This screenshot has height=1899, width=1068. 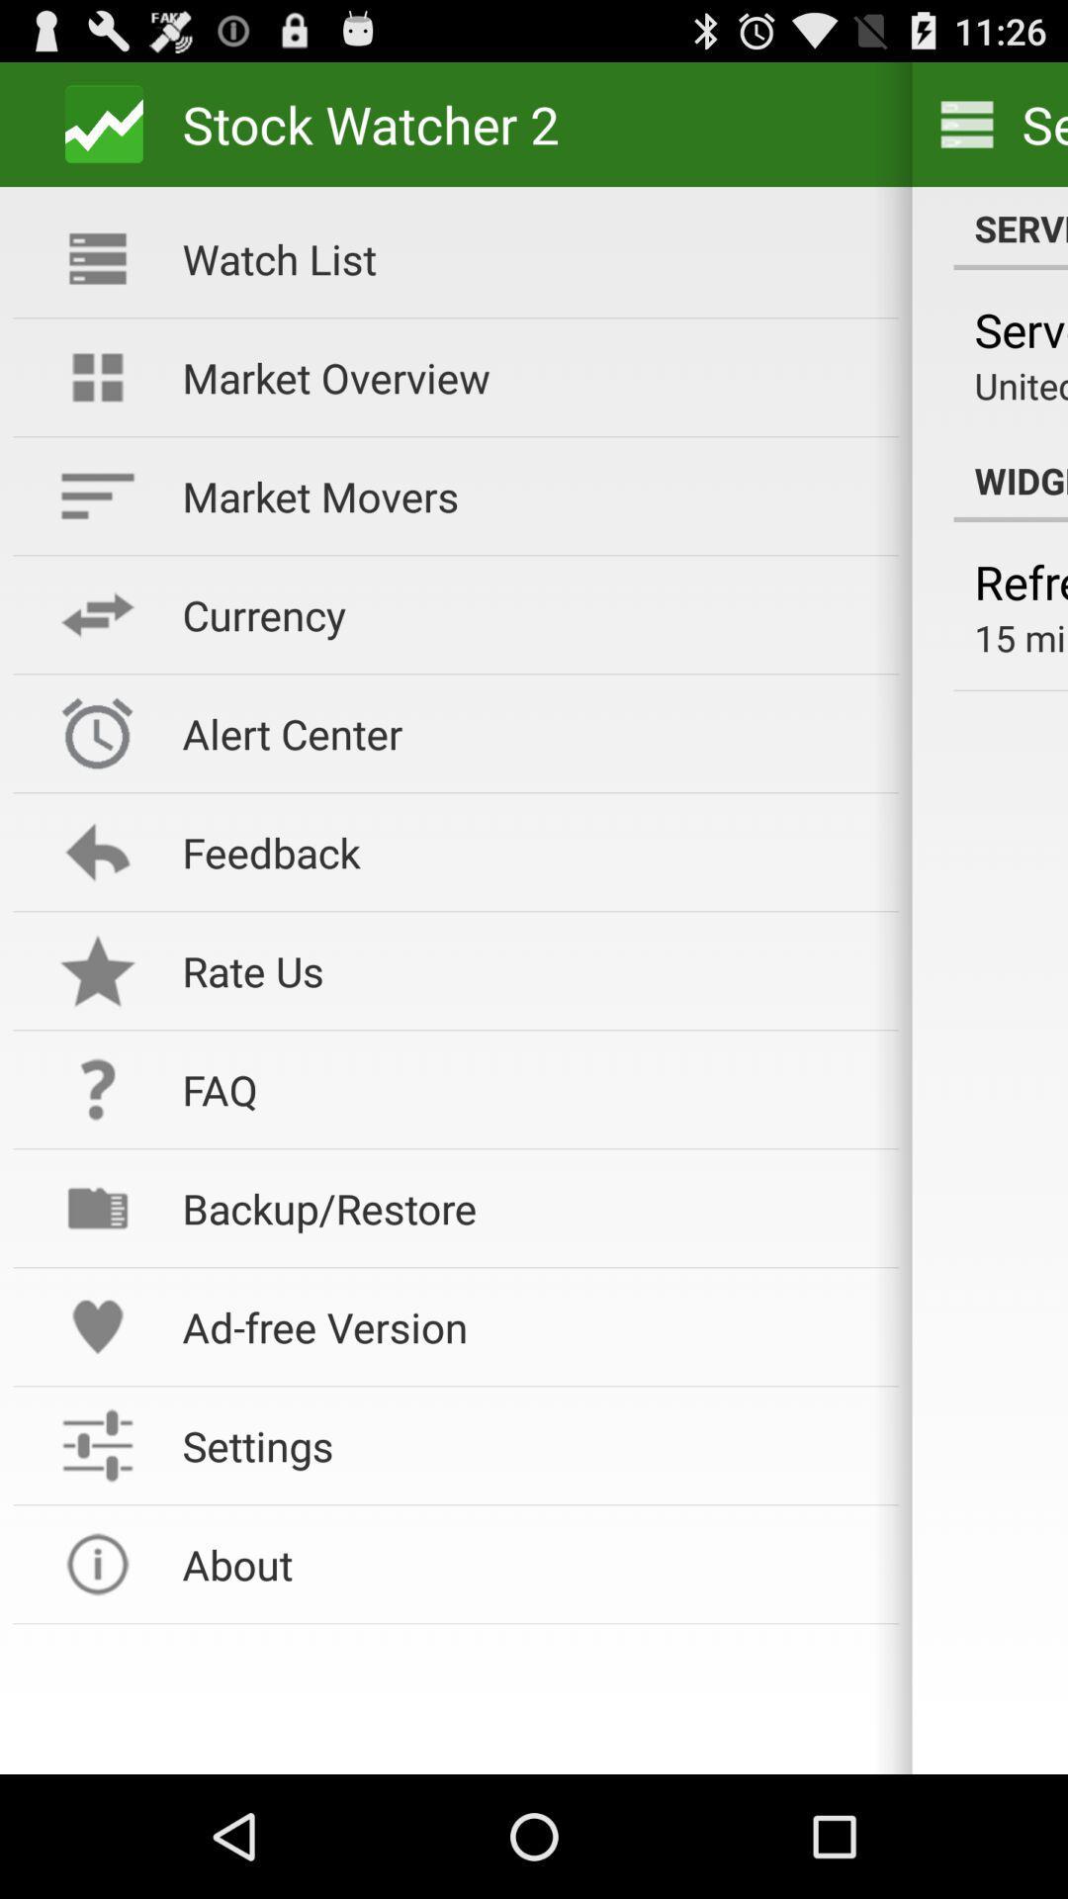 What do you see at coordinates (1021, 385) in the screenshot?
I see `united states (us)` at bounding box center [1021, 385].